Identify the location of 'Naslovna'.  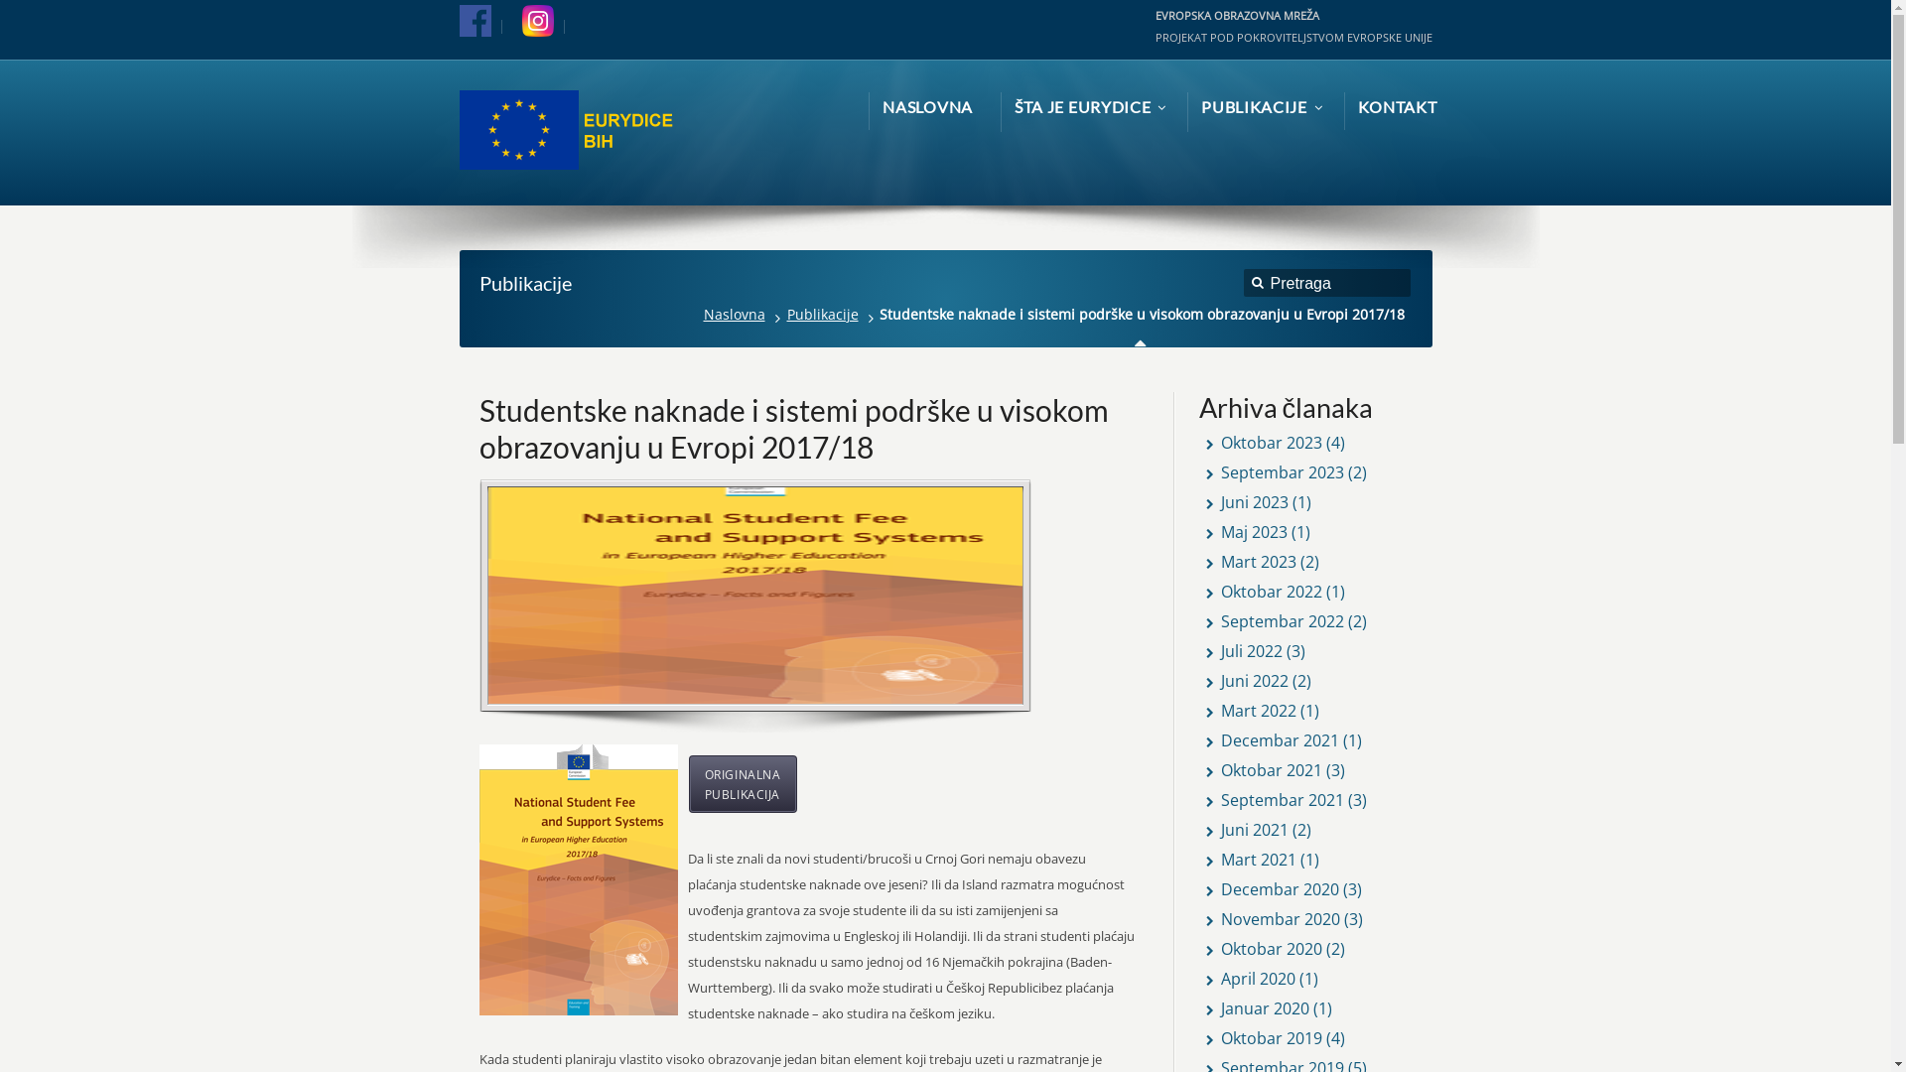
(696, 313).